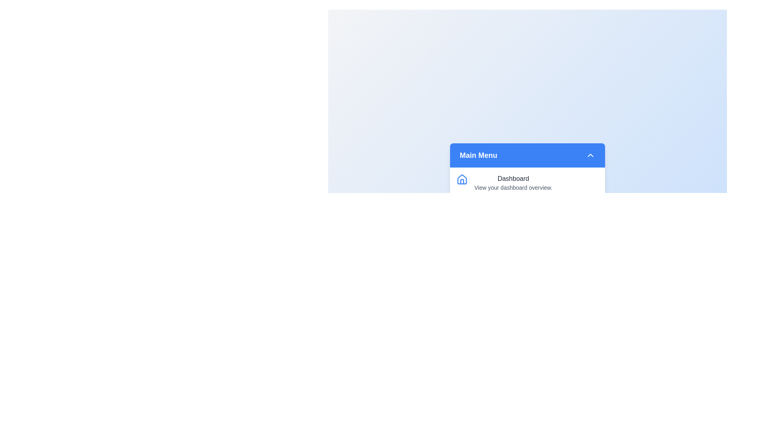  Describe the element at coordinates (527, 182) in the screenshot. I see `the menu item Dashboard to navigate or view details` at that location.